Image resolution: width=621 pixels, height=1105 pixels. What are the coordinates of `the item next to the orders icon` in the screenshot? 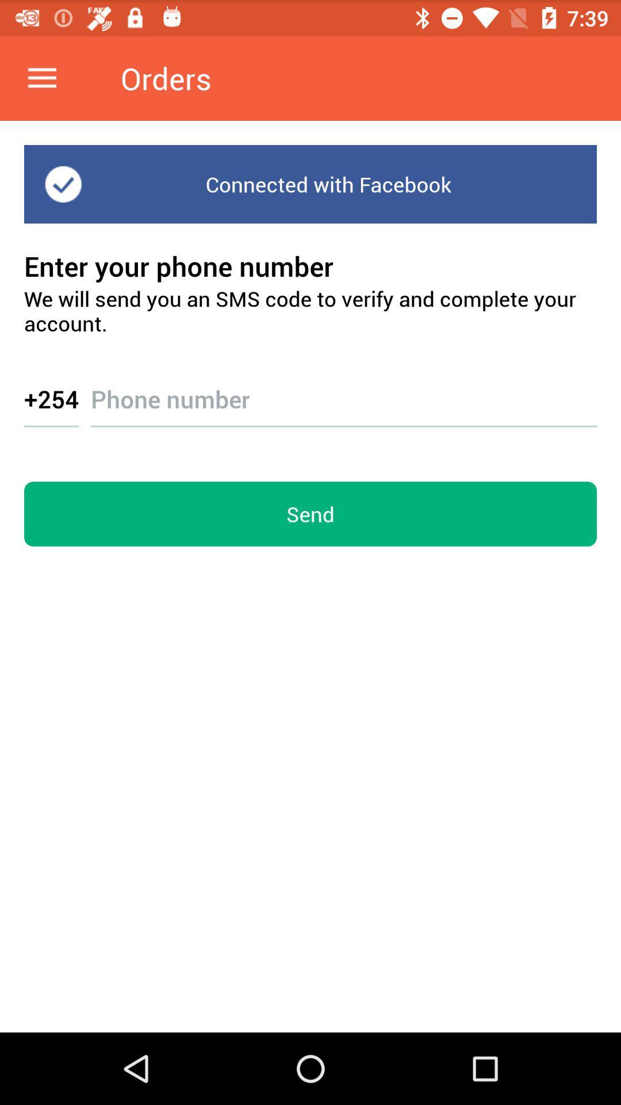 It's located at (41, 78).